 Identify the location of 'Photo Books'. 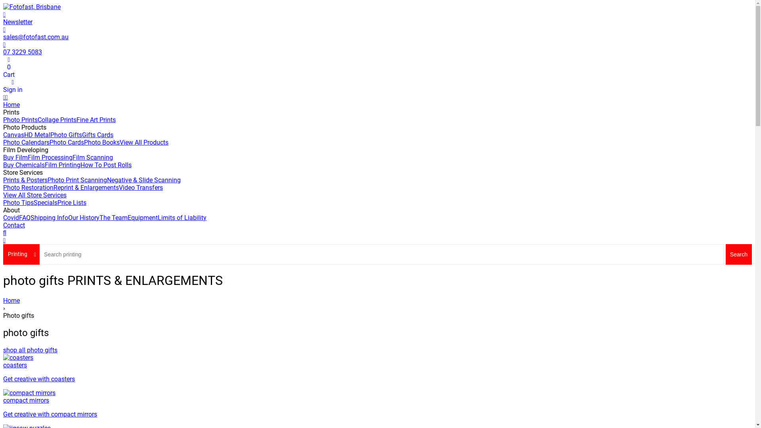
(84, 142).